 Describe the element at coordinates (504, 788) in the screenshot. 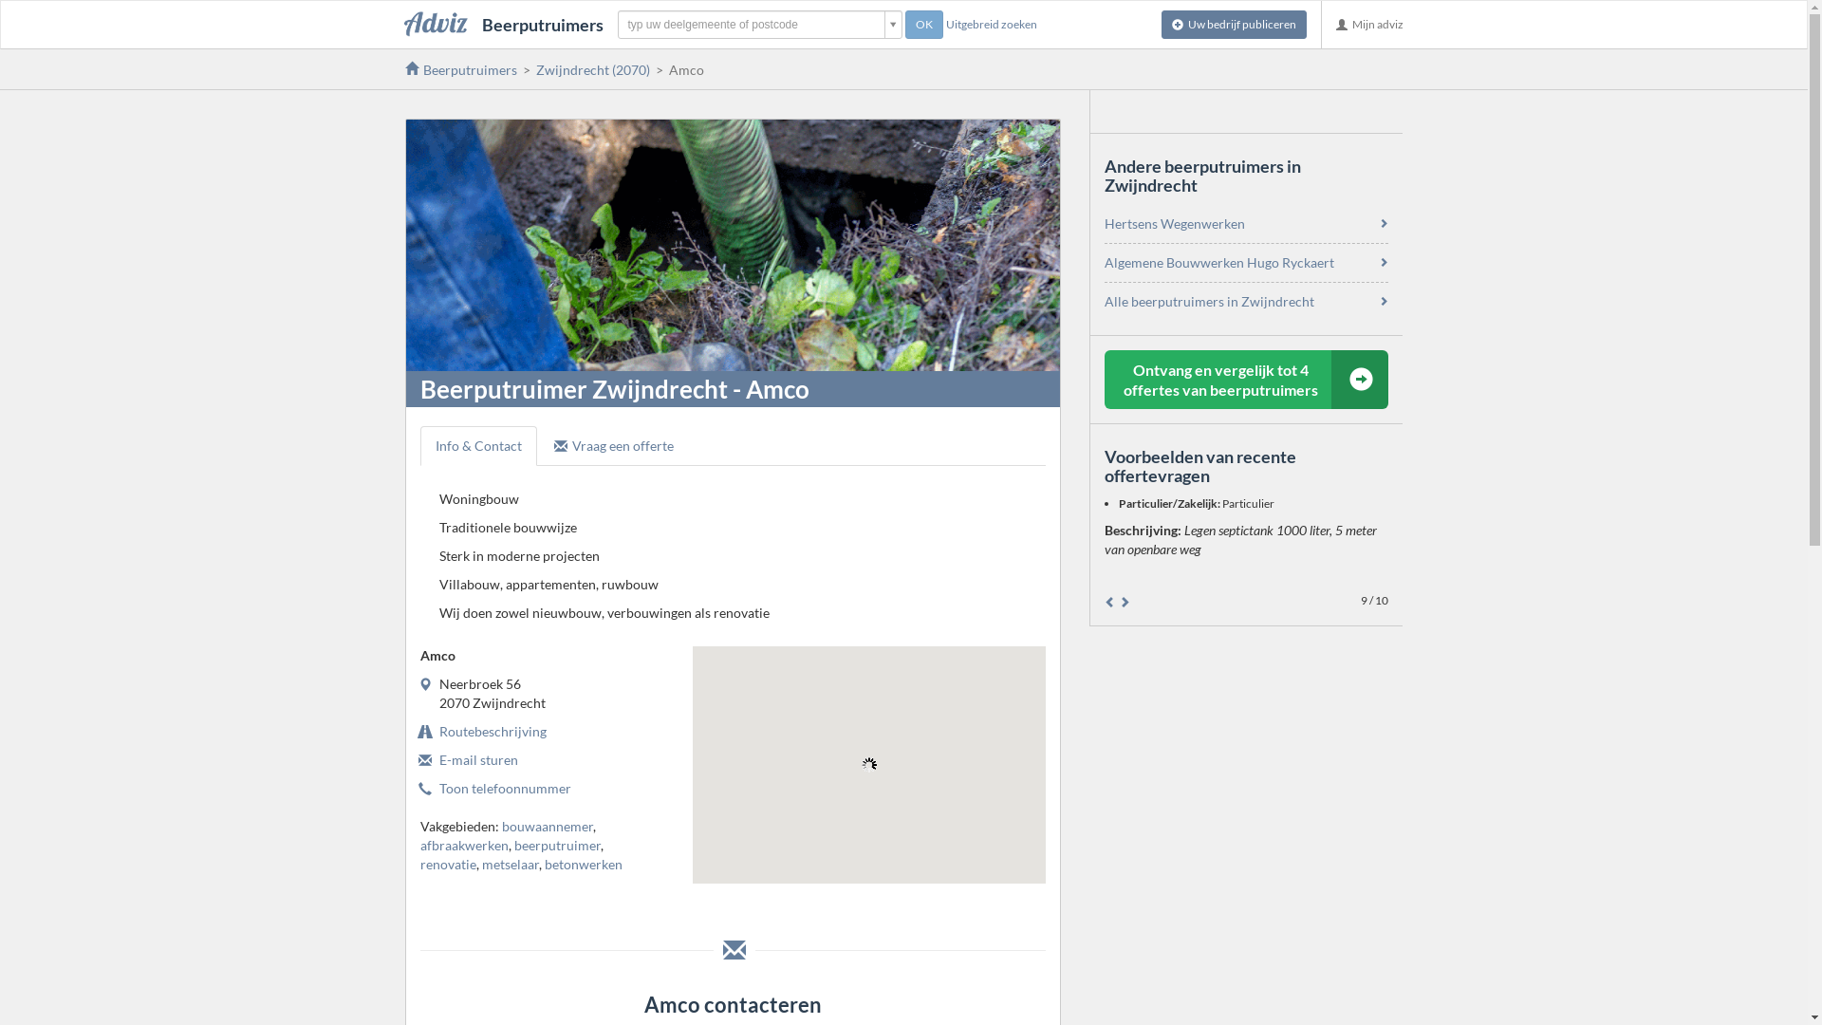

I see `'Toon telefoonnummer'` at that location.